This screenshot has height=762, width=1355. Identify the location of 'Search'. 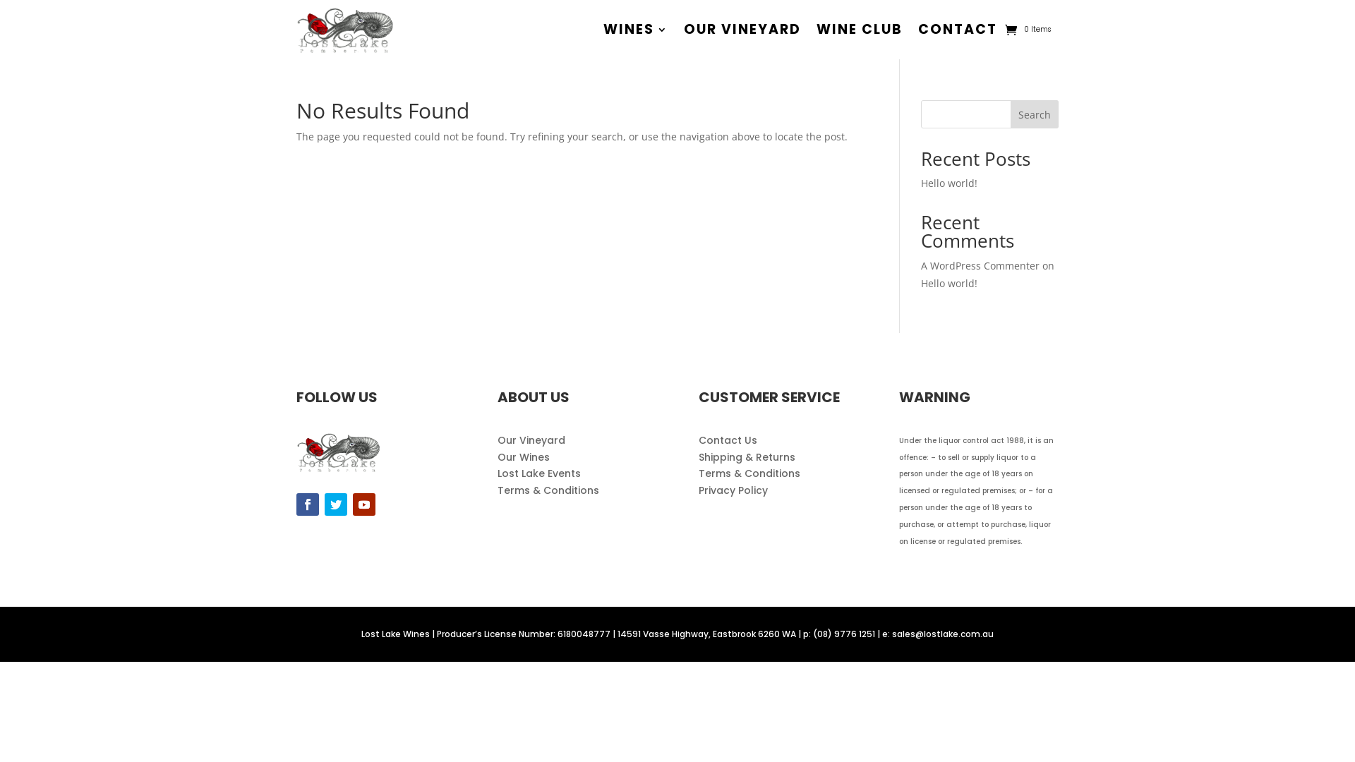
(1034, 114).